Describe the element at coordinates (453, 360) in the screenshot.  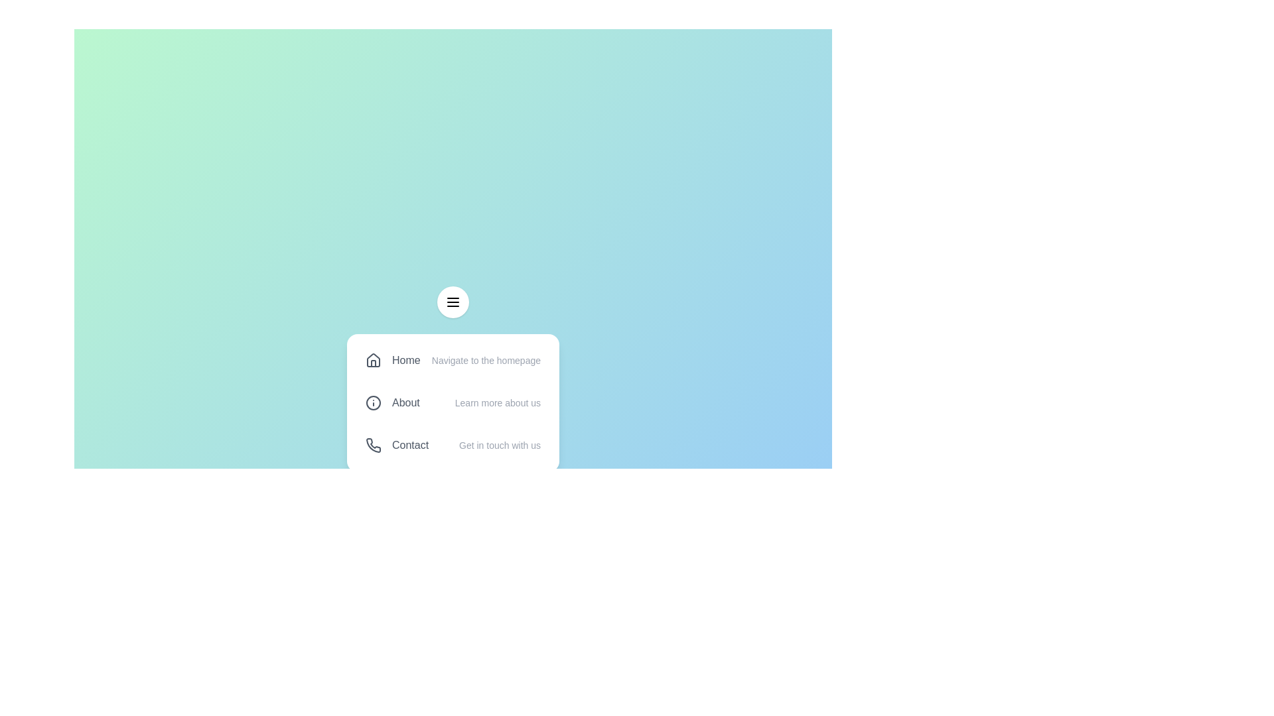
I see `the menu item Home from the menu` at that location.